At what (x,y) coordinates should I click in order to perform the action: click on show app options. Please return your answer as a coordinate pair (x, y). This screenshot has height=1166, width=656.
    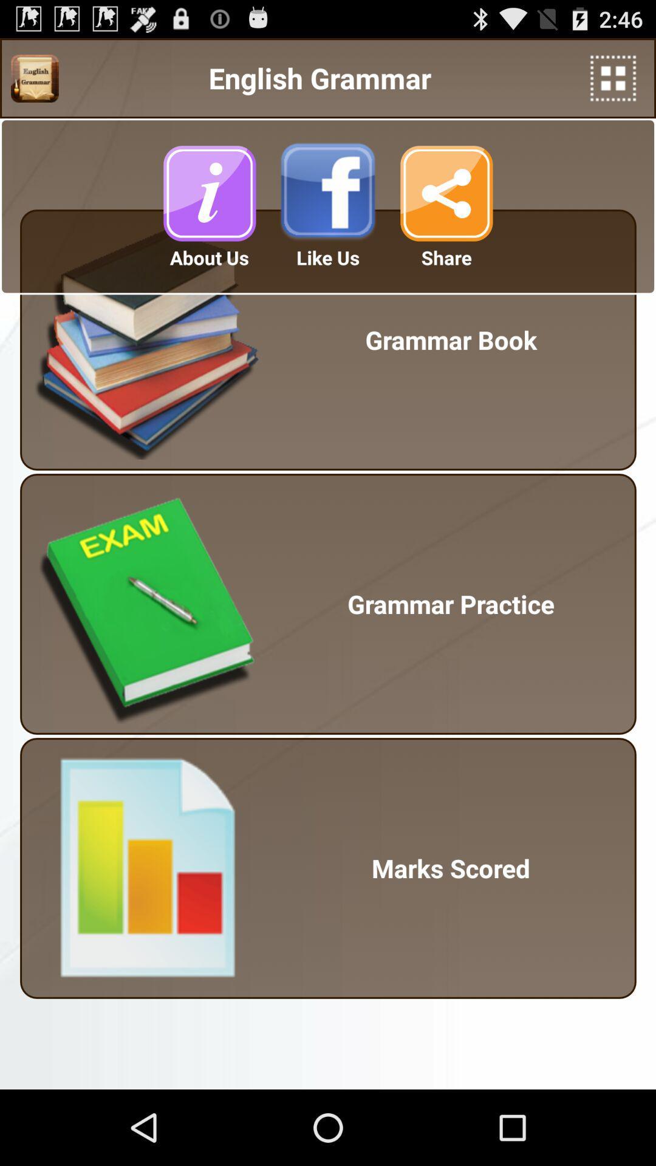
    Looking at the image, I should click on (613, 78).